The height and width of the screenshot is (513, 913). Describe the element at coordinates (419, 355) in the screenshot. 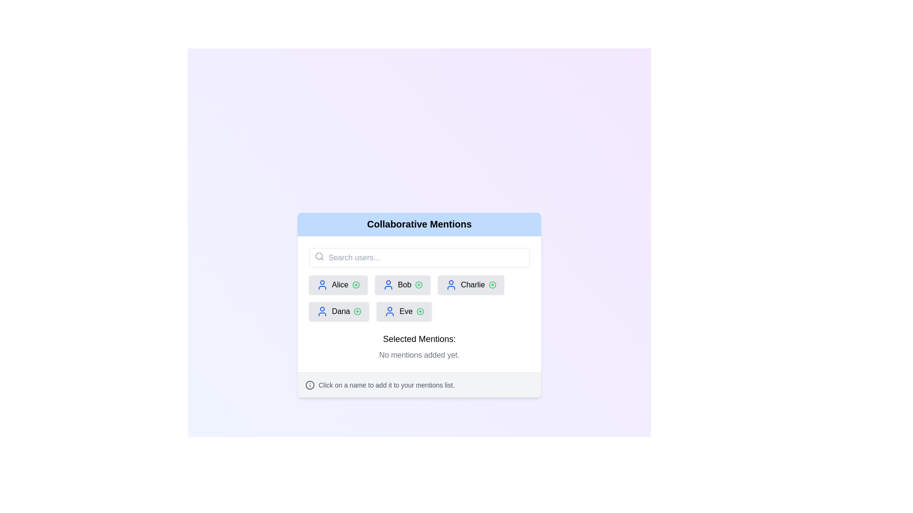

I see `the text label that reads 'No mentions added yet.' which is styled with a gray font color and positioned below the heading 'Selected Mentions:' in the 'Collaborative Mentions' widget` at that location.